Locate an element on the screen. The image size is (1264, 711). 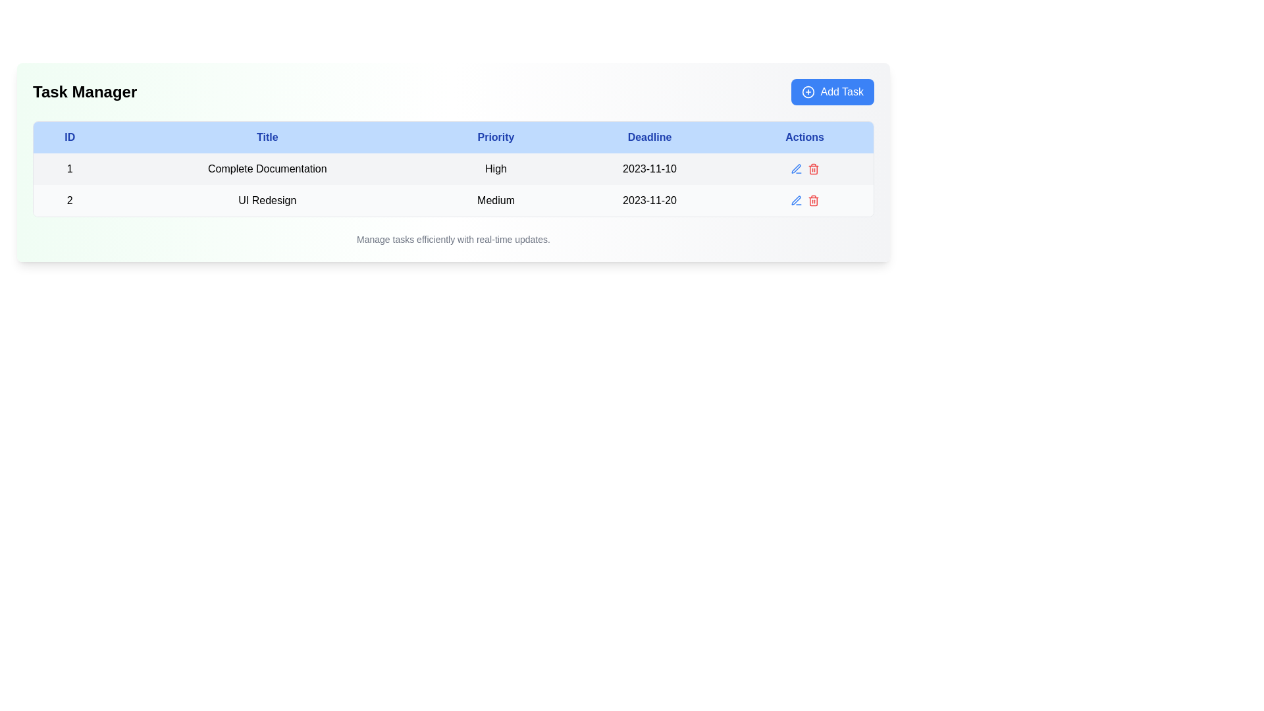
the second row of the table displaying task entry data, located directly below the row that starts with 'Complete Documentation' is located at coordinates (454, 200).